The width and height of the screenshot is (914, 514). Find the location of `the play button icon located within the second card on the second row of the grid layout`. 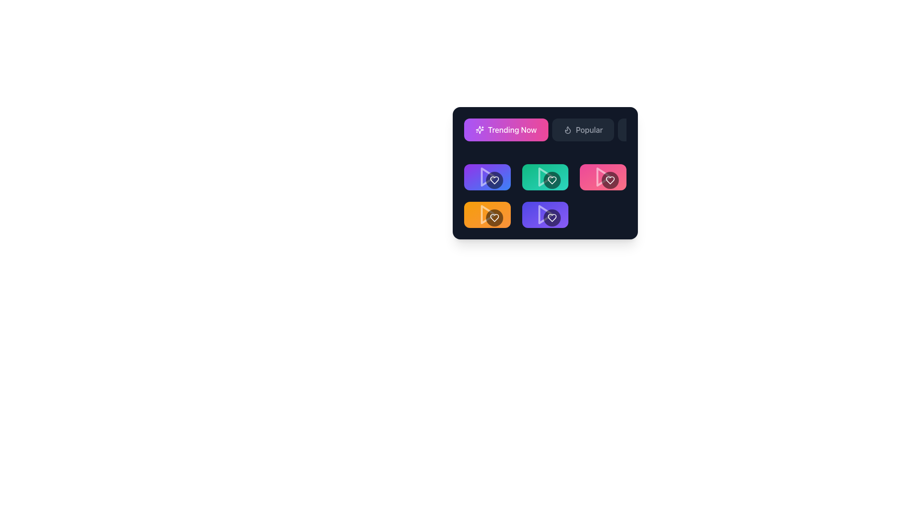

the play button icon located within the second card on the second row of the grid layout is located at coordinates (546, 177).